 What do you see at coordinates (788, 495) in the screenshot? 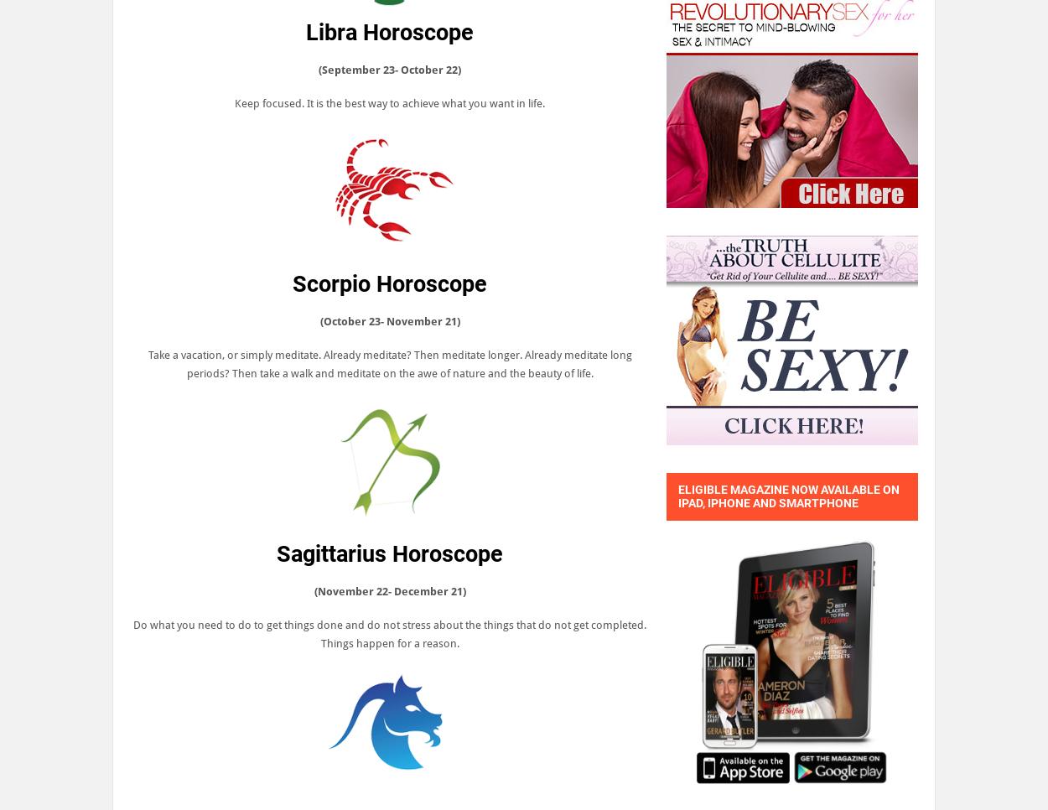
I see `'Eligible Magazine now available on iPad, iPhone and smartphone'` at bounding box center [788, 495].